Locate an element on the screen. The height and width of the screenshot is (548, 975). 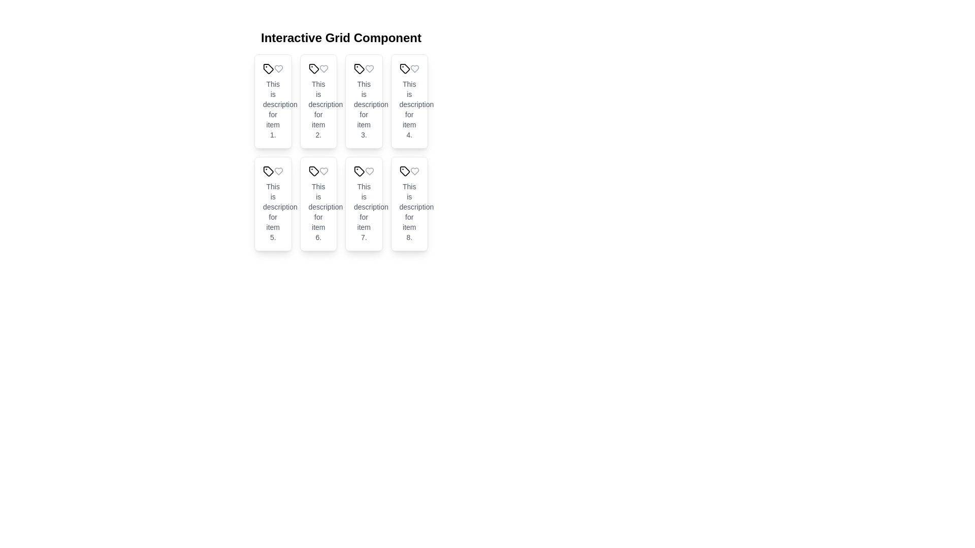
description text displayed in the eighth tile of the grid layout, located below the heart icon is located at coordinates (409, 211).